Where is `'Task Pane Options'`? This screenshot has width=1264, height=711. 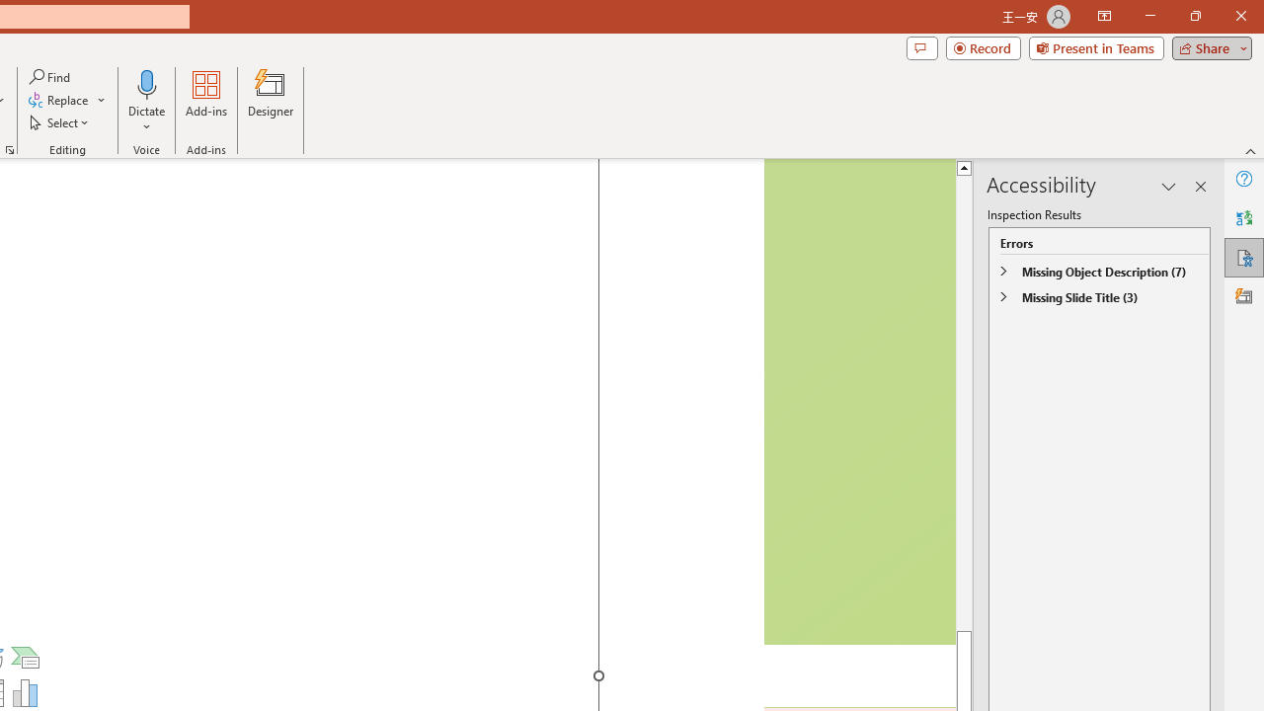 'Task Pane Options' is located at coordinates (1169, 187).